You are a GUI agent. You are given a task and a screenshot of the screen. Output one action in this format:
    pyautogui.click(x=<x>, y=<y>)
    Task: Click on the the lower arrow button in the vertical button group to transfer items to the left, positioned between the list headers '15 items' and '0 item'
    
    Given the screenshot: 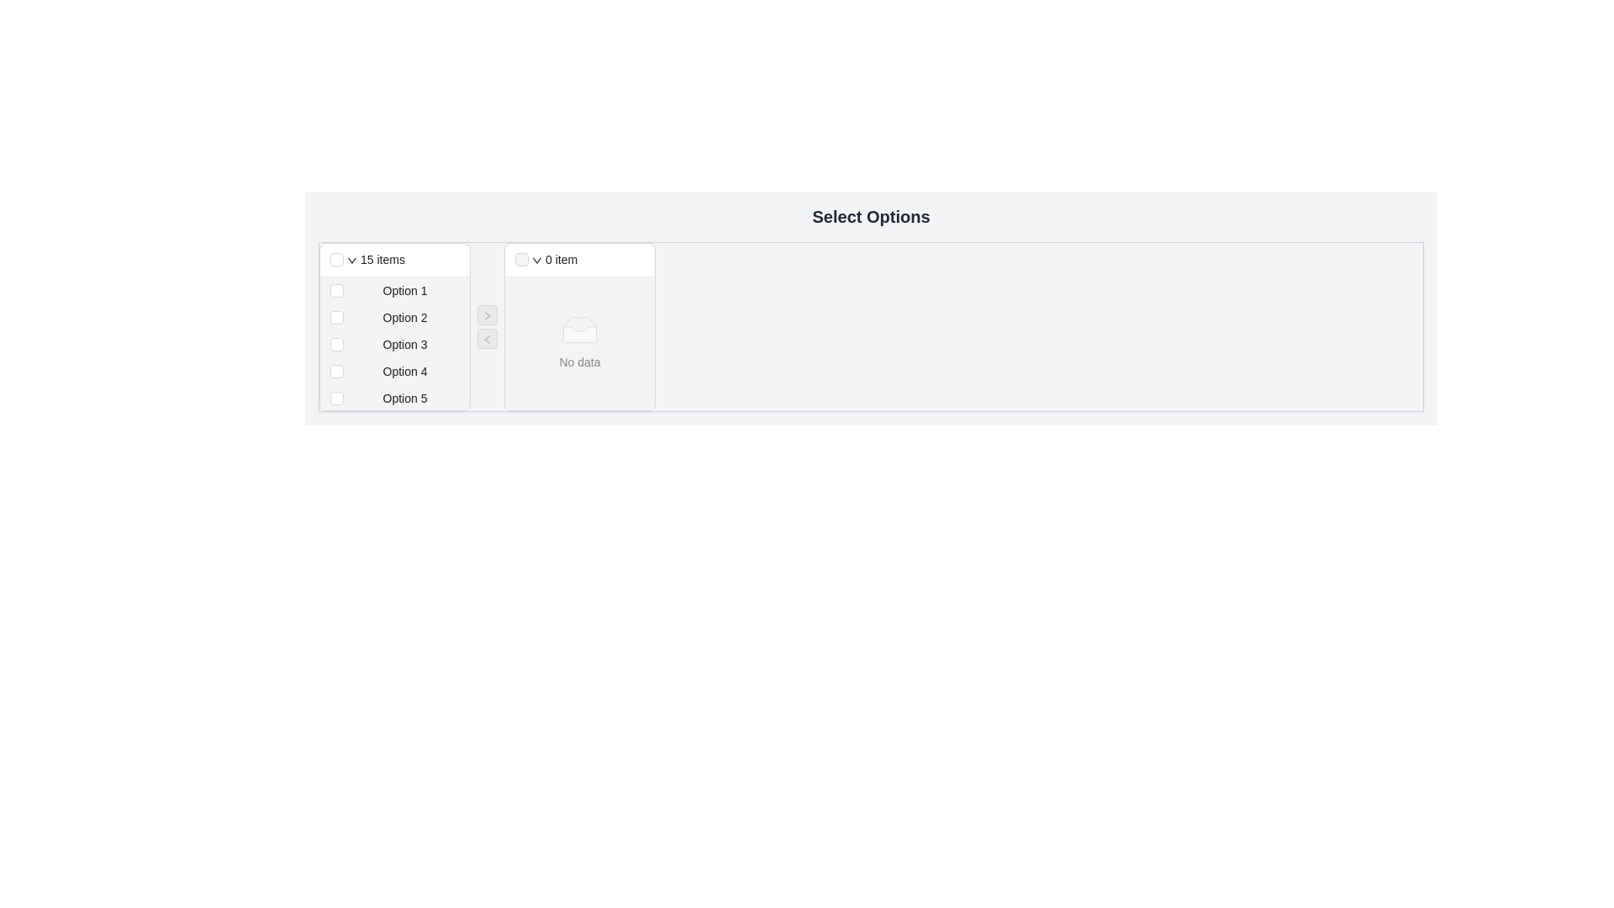 What is the action you would take?
    pyautogui.click(x=487, y=327)
    